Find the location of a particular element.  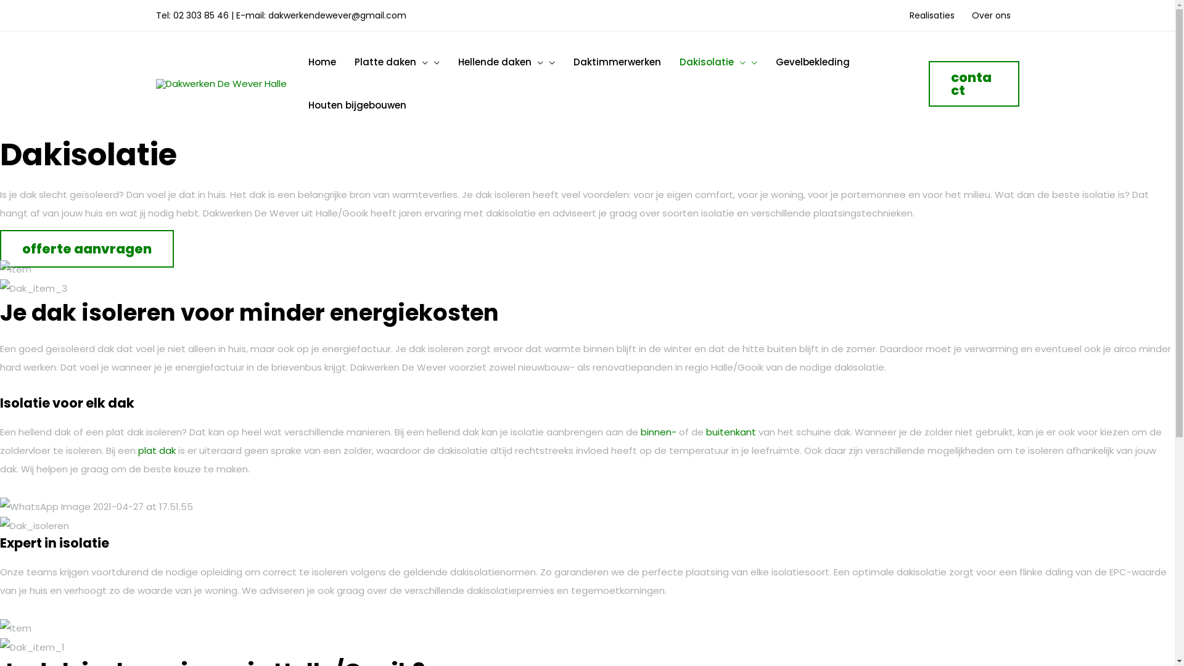

'Dak_isoleren' is located at coordinates (0, 525).